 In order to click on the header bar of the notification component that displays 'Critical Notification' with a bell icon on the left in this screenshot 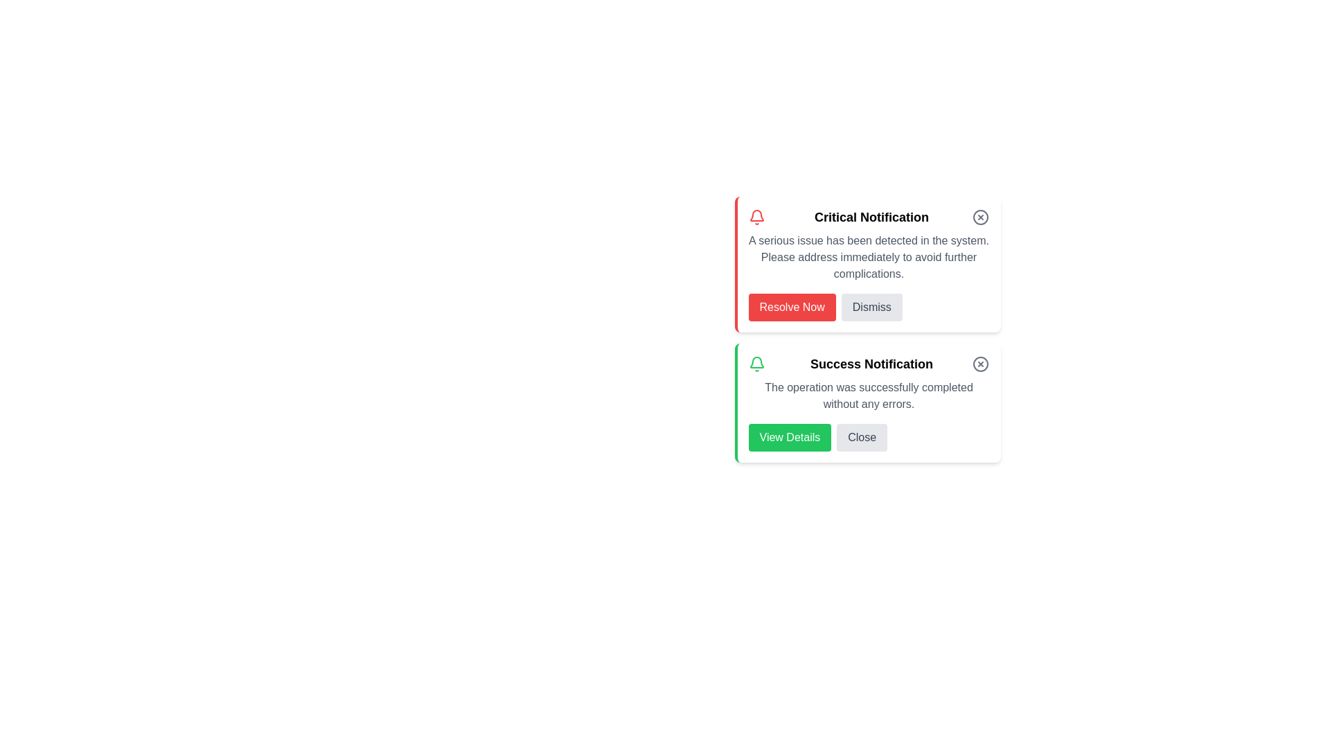, I will do `click(868, 217)`.